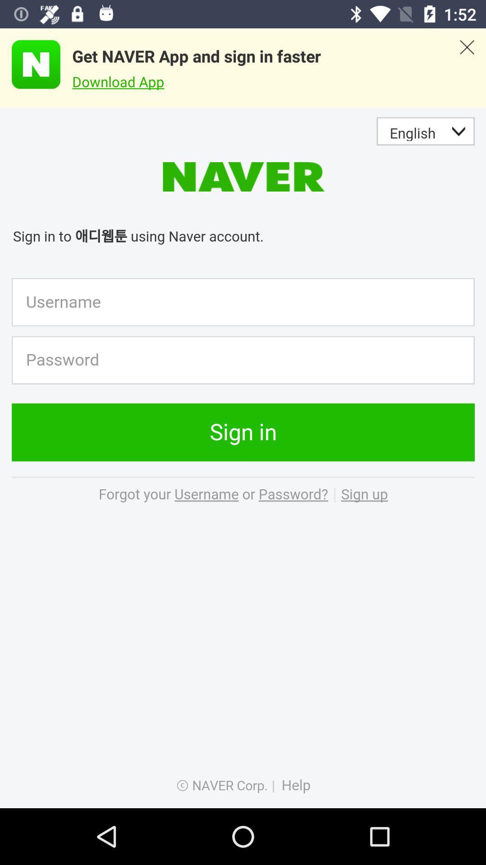  I want to click on log into naver, so click(243, 458).